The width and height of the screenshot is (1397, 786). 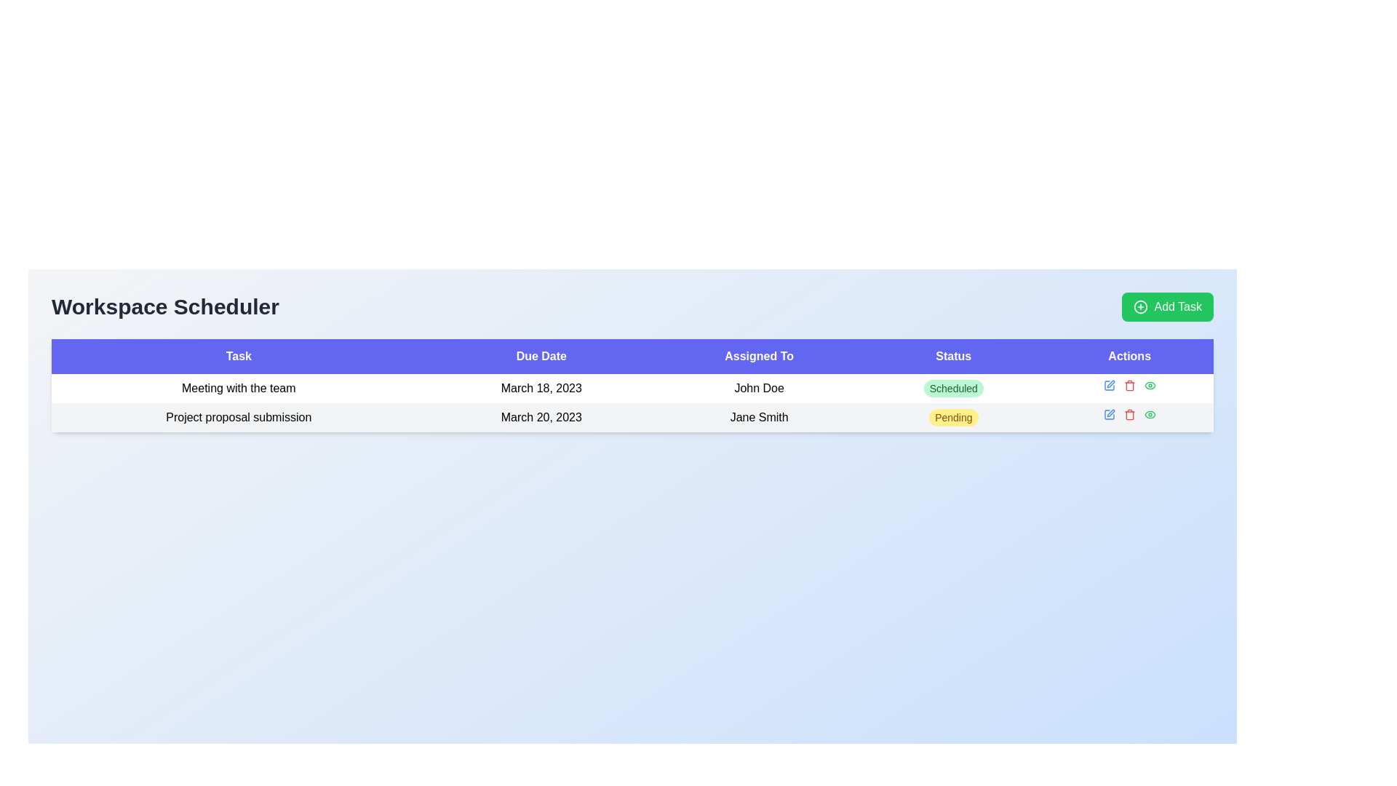 I want to click on the Status label displaying 'Pending' with a yellow background and brown text, located in the fourth cell of the table row for 'Project proposal submission' assigned to 'Jane Smith', so click(x=953, y=418).